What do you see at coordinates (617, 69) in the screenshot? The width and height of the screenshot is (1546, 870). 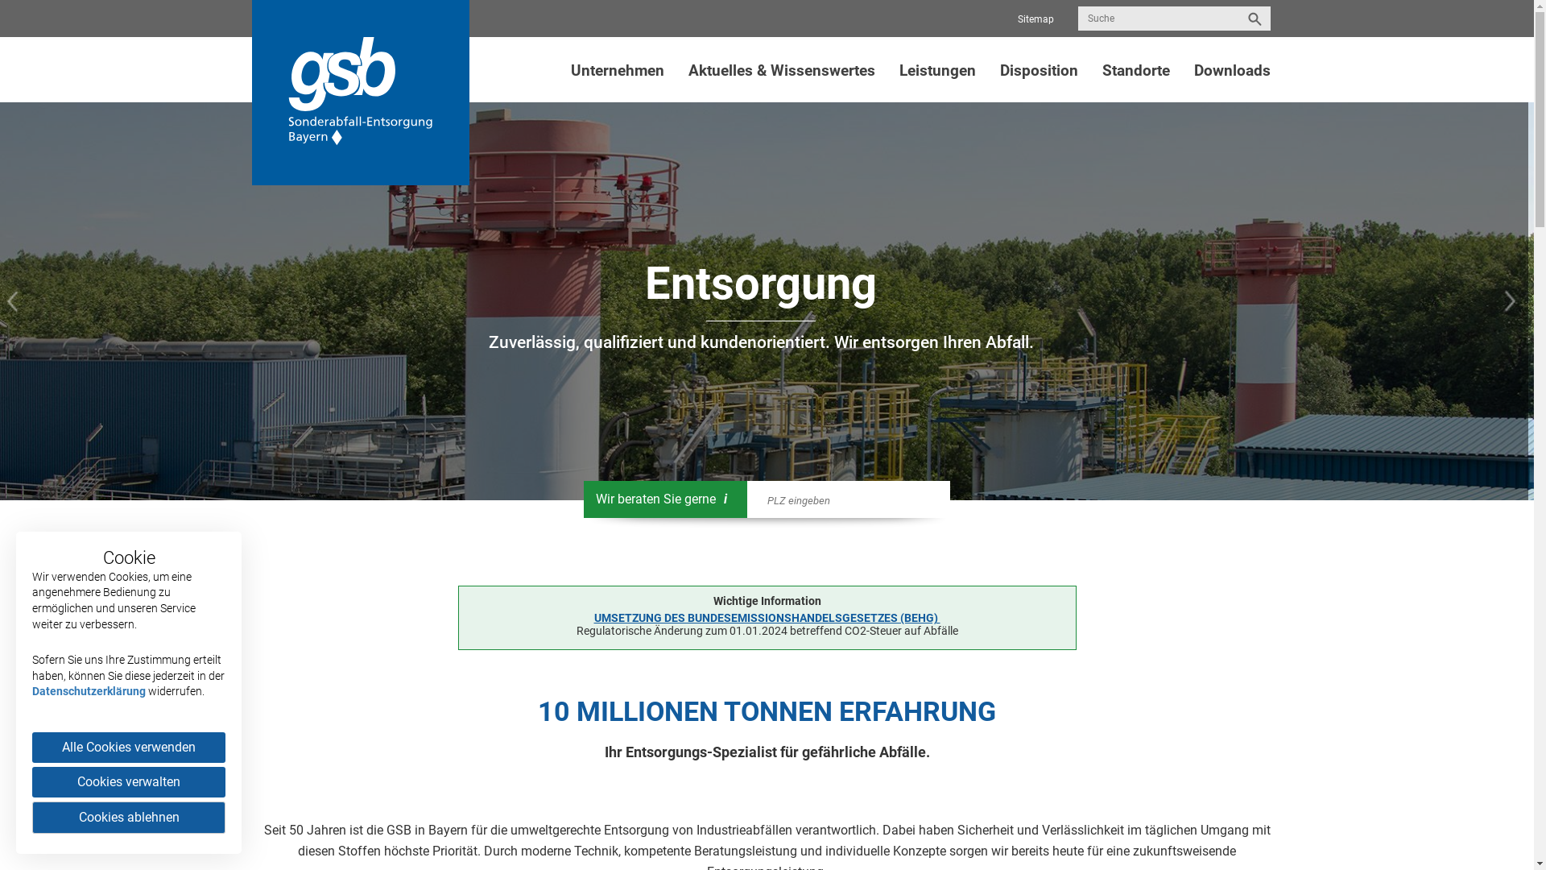 I see `'Unternehmen'` at bounding box center [617, 69].